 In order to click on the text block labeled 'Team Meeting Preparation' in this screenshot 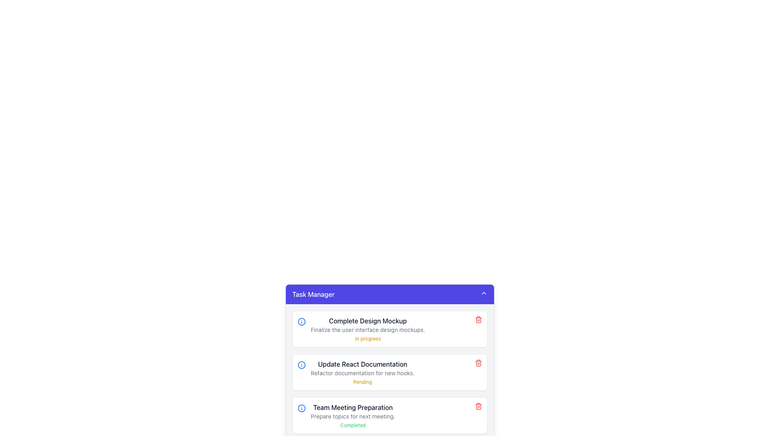, I will do `click(353, 416)`.